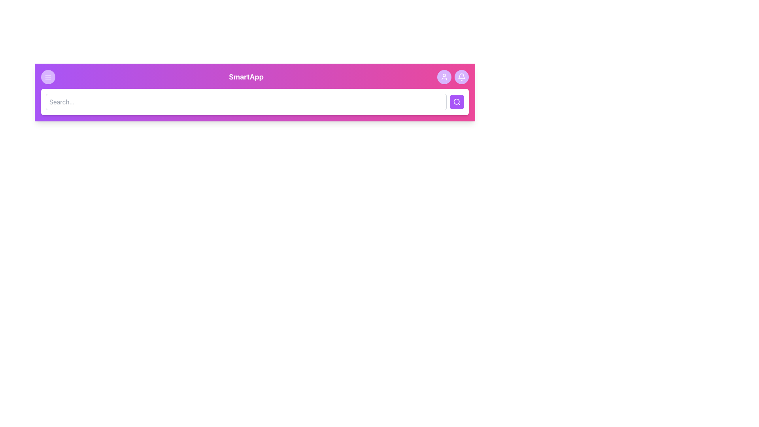 The width and height of the screenshot is (759, 427). I want to click on the lower curved part of the bell icon located in the top-right corner of the interface, which represents notifications or alerts, so click(461, 76).